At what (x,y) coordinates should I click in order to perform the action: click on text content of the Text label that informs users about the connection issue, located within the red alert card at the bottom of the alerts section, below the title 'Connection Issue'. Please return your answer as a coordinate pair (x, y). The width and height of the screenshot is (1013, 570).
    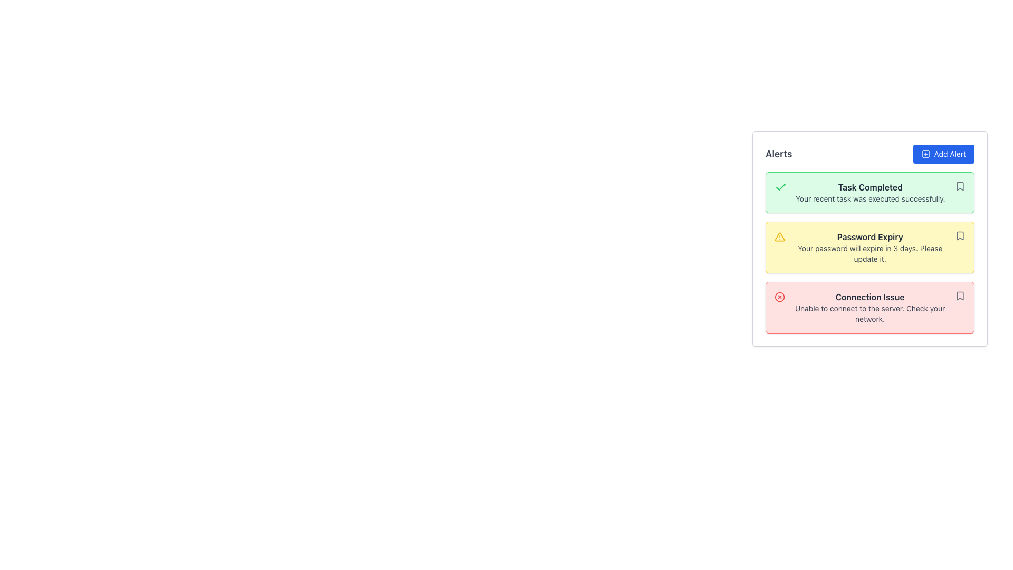
    Looking at the image, I should click on (870, 313).